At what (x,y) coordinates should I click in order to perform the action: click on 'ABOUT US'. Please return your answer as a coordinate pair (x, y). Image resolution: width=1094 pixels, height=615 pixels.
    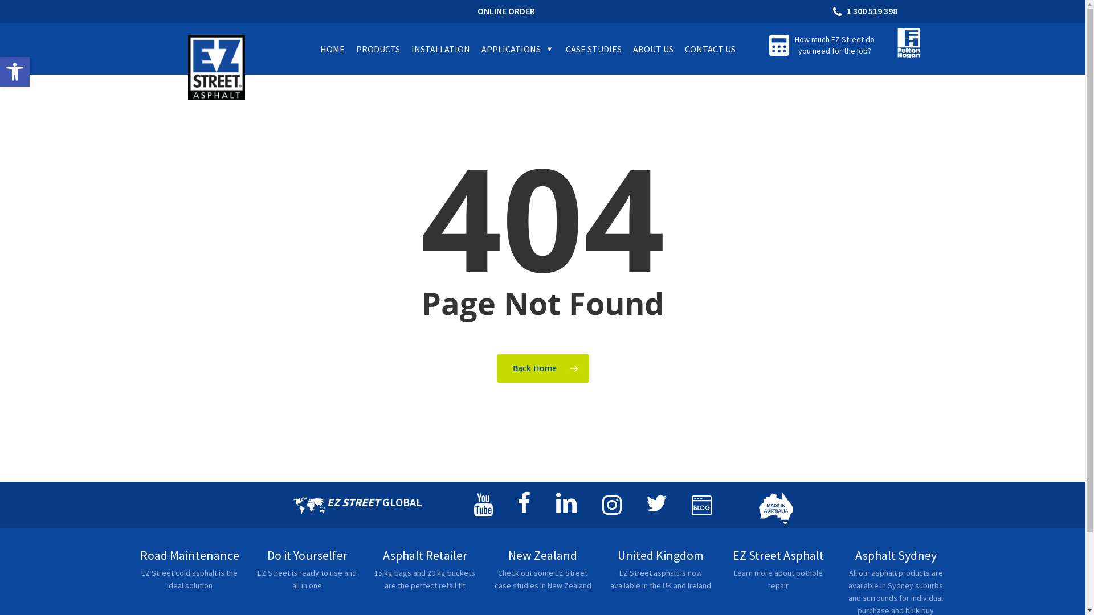
    Looking at the image, I should click on (653, 48).